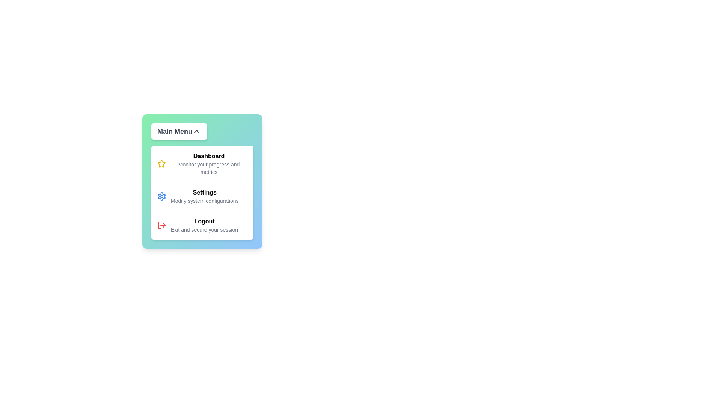  I want to click on the icon associated with Logout, so click(161, 225).